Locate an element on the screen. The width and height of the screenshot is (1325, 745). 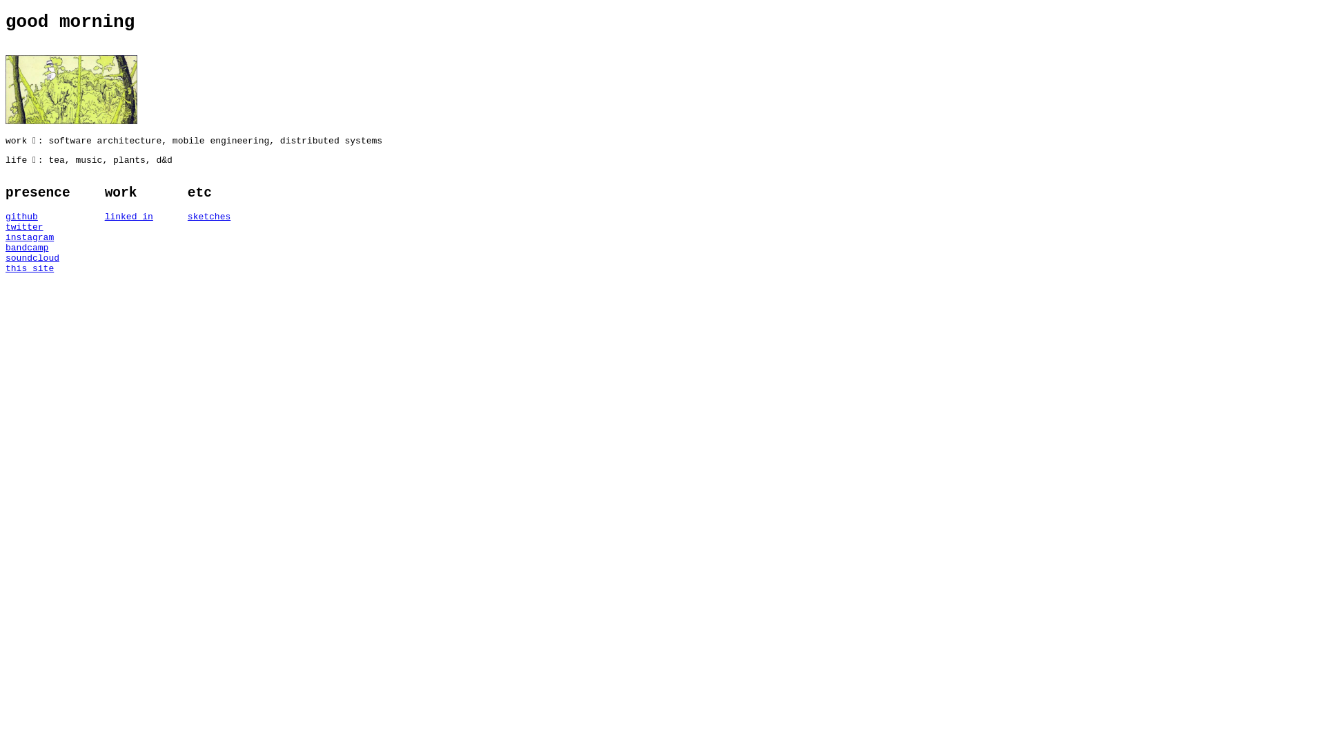
'linked in' is located at coordinates (129, 217).